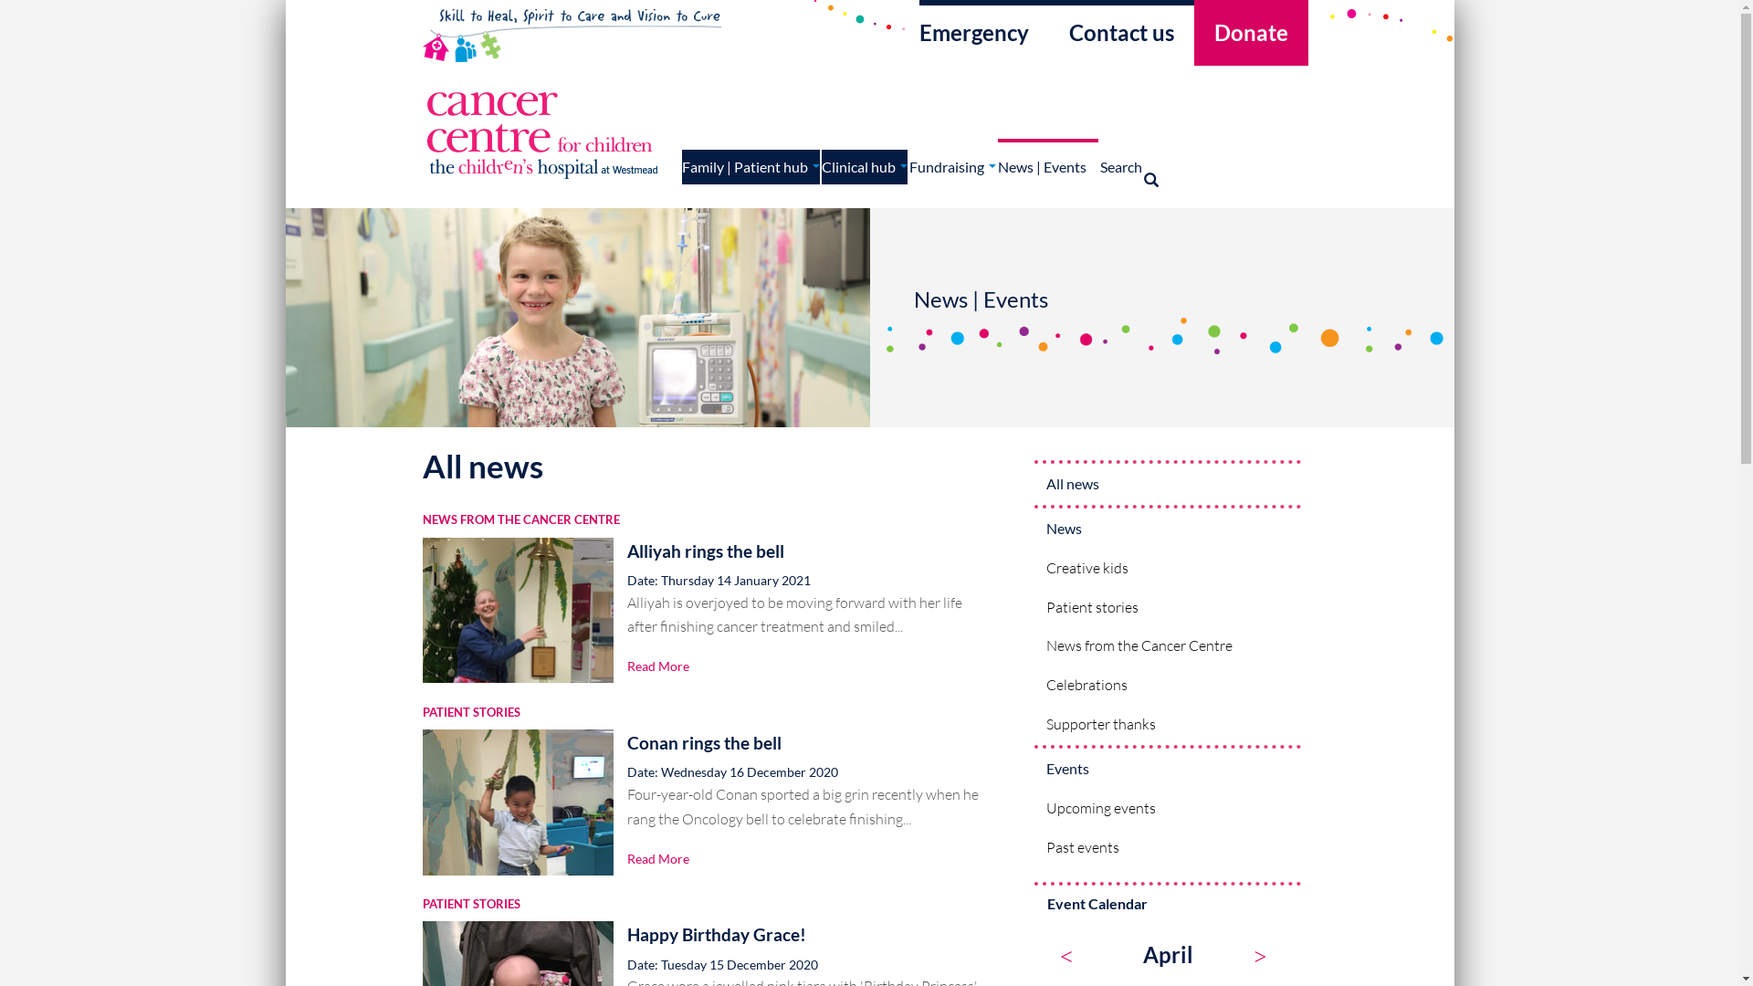  Describe the element at coordinates (981, 32) in the screenshot. I see `'Emergency'` at that location.